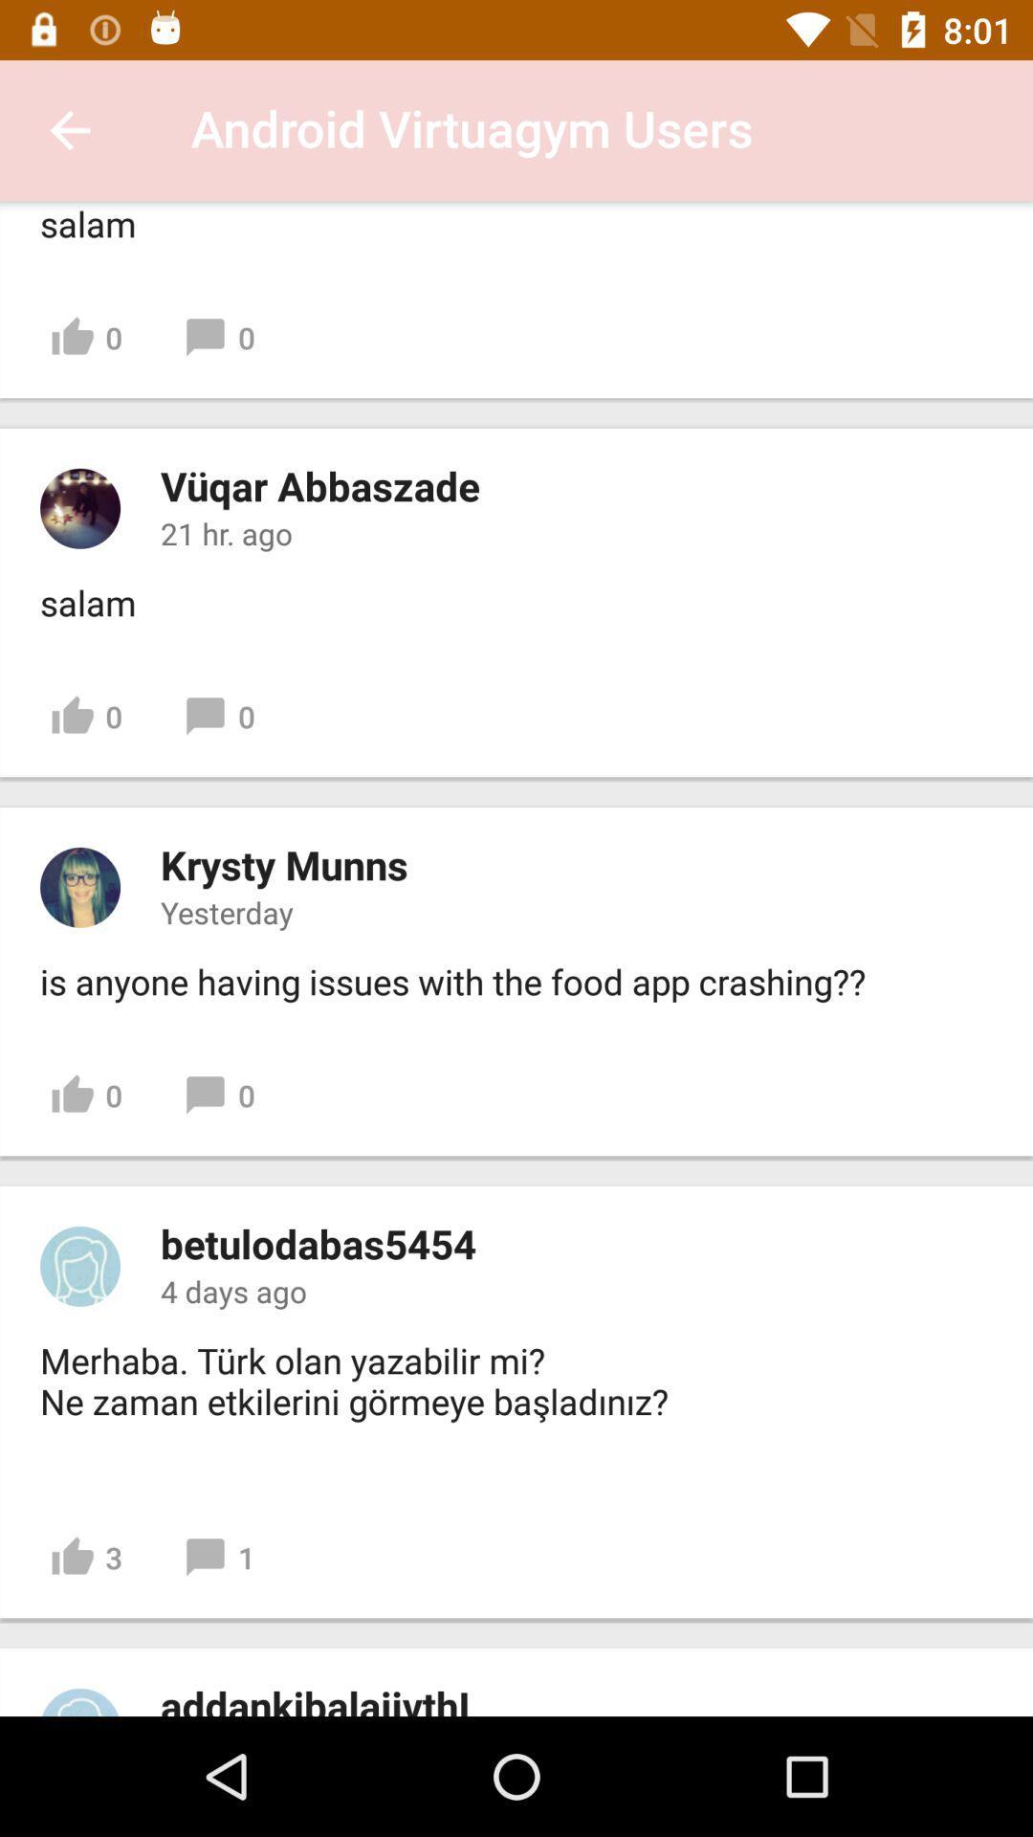  What do you see at coordinates (86, 1558) in the screenshot?
I see `3 item` at bounding box center [86, 1558].